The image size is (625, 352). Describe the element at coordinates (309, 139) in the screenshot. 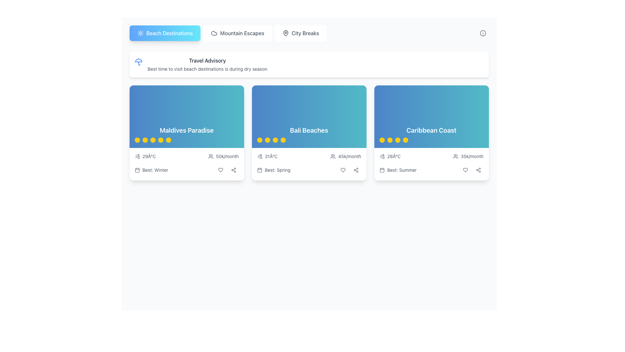

I see `the Rating Stars Indicator located beneath the title 'Bali Beaches' in the card layout` at that location.